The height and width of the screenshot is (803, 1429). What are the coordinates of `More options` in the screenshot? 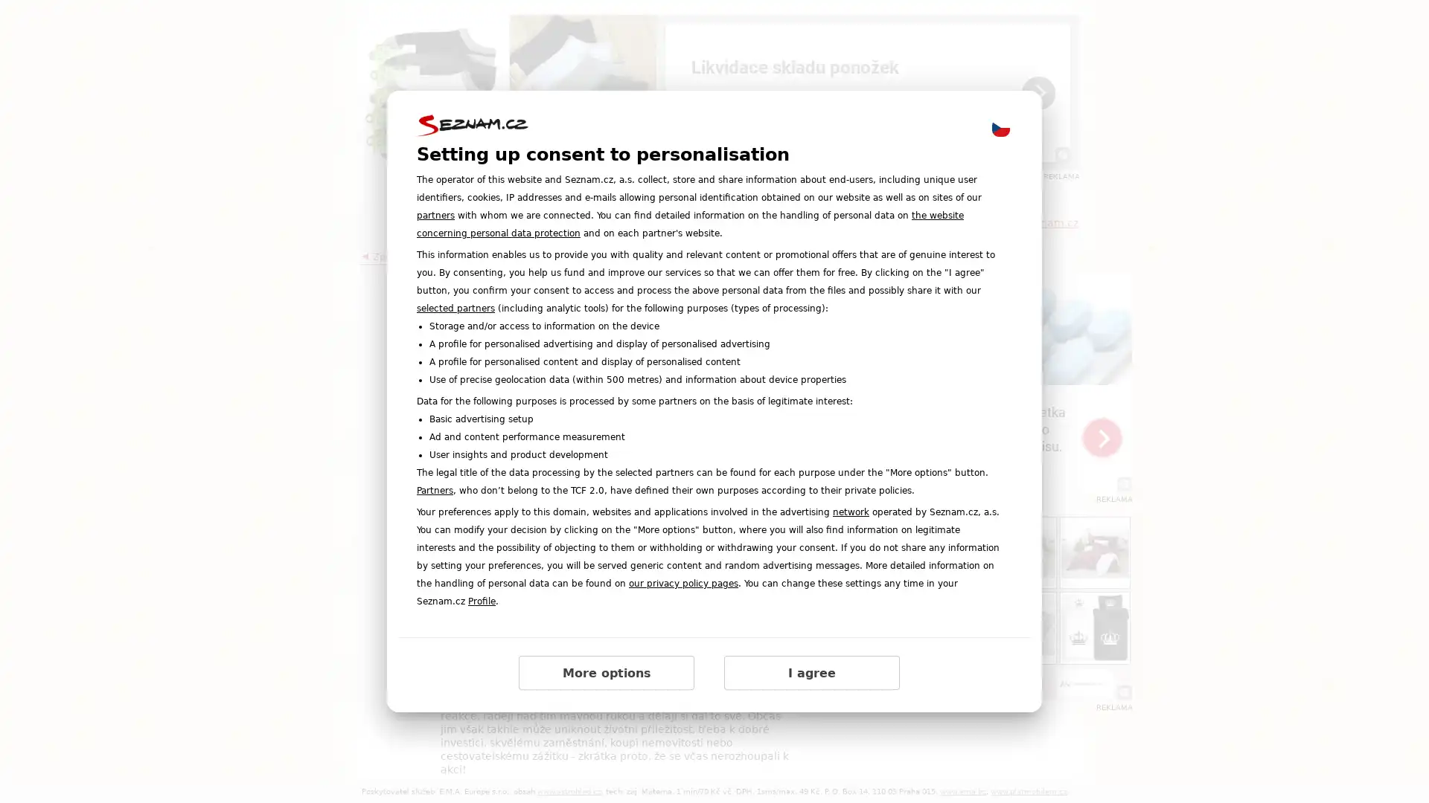 It's located at (607, 673).